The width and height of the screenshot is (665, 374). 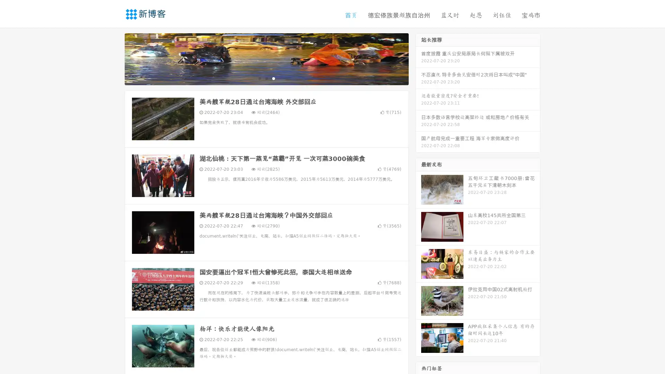 I want to click on Go to slide 1, so click(x=259, y=78).